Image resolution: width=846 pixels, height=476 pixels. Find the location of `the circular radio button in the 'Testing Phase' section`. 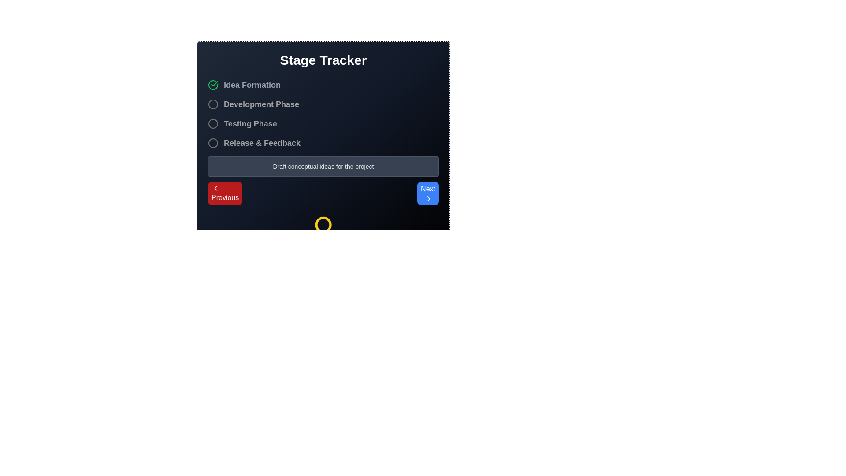

the circular radio button in the 'Testing Phase' section is located at coordinates (213, 124).